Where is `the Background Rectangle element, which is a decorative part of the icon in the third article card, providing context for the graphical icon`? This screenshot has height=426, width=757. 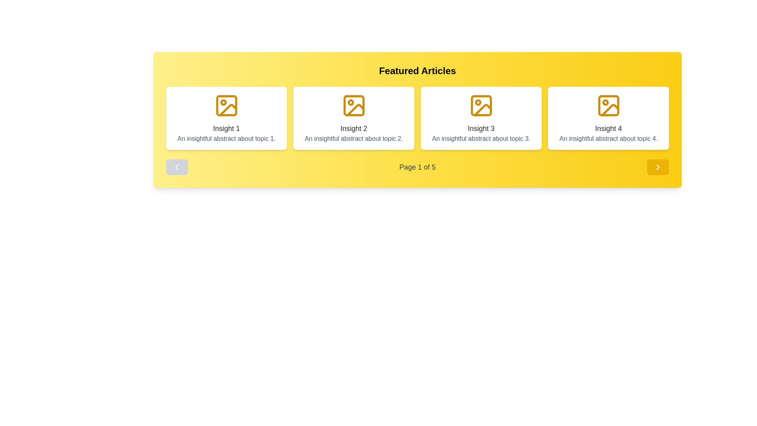 the Background Rectangle element, which is a decorative part of the icon in the third article card, providing context for the graphical icon is located at coordinates (481, 105).